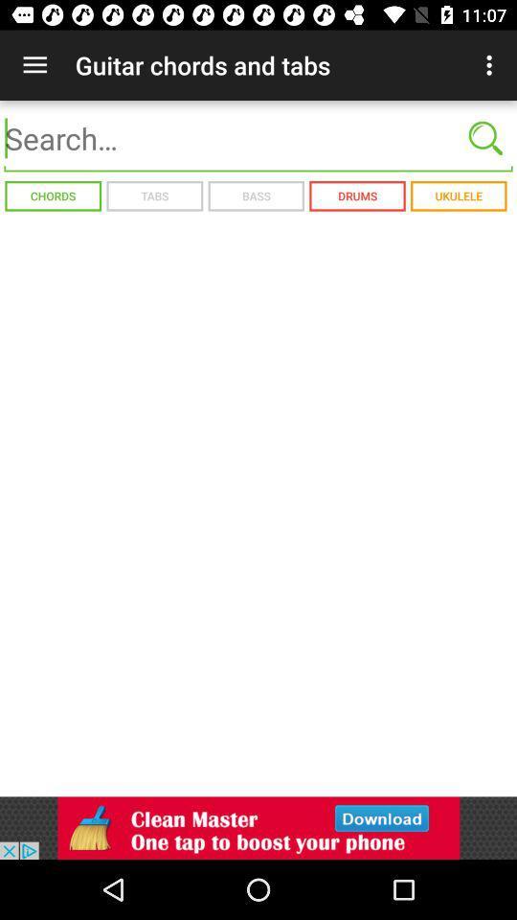 The height and width of the screenshot is (920, 517). What do you see at coordinates (258, 137) in the screenshot?
I see `search terms` at bounding box center [258, 137].